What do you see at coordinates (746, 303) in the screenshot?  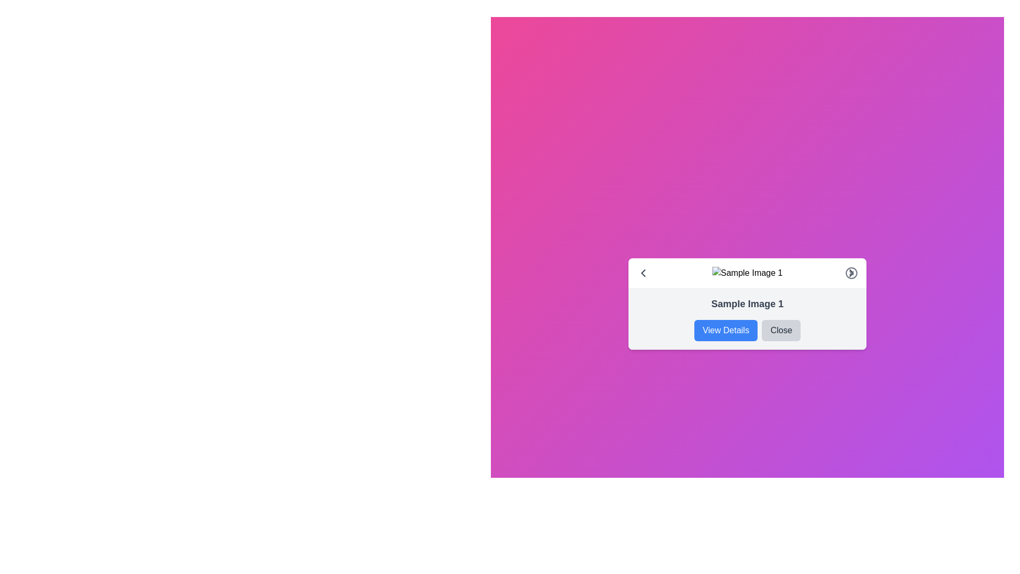 I see `the static text element that serves as a title or identifier for the content in the dialog box, positioned at the center top above the 'View Details' and 'Close' buttons` at bounding box center [746, 303].